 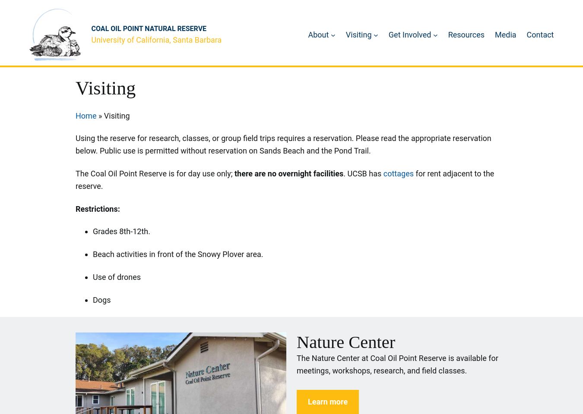 I want to click on 'Coal Oil Point Natural Reserve', so click(x=149, y=28).